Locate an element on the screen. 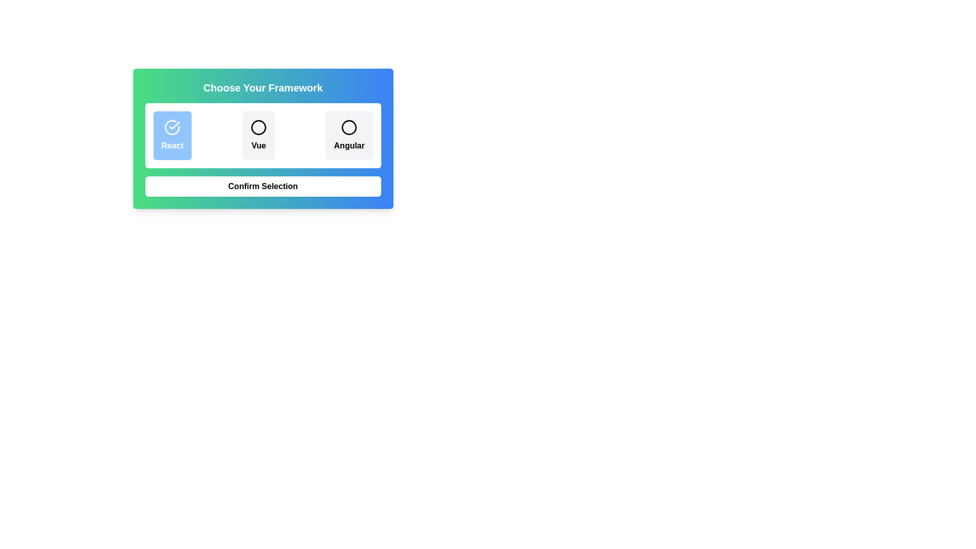 Image resolution: width=976 pixels, height=549 pixels. the circular icon styled as a bordered circle with a hollow center located above the text 'Vue', which is visually centered in its area is located at coordinates (258, 127).